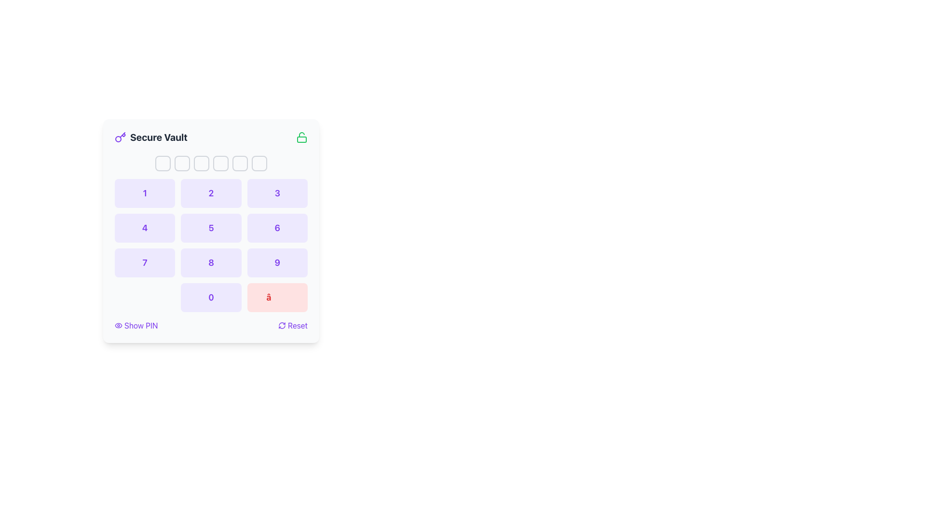 The height and width of the screenshot is (521, 926). Describe the element at coordinates (144, 193) in the screenshot. I see `the button labeled '1' with a soft violet background in the Secure Vault keypad interface to input the numeric value '1'` at that location.